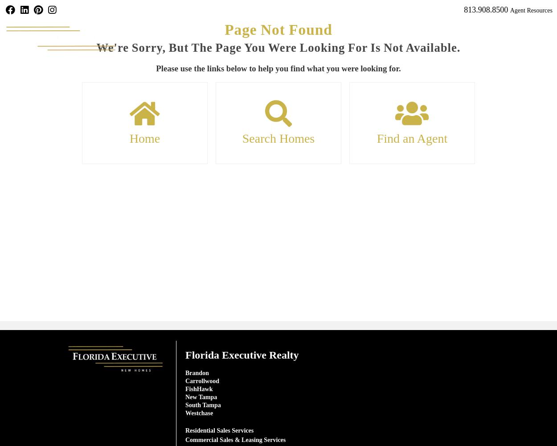 This screenshot has height=446, width=557. Describe the element at coordinates (201, 396) in the screenshot. I see `'New Tampa'` at that location.